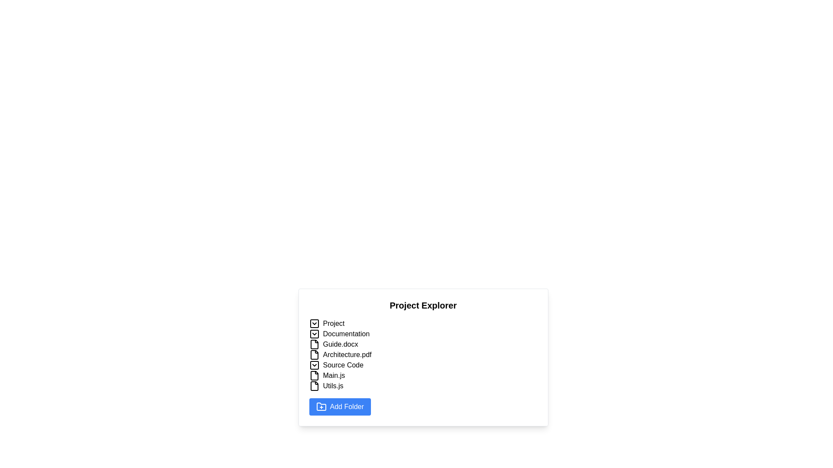  Describe the element at coordinates (333, 324) in the screenshot. I see `the static text label 'Project' in the hierarchical file explorer interface, located at the top-left corner next to the arrow icon` at that location.